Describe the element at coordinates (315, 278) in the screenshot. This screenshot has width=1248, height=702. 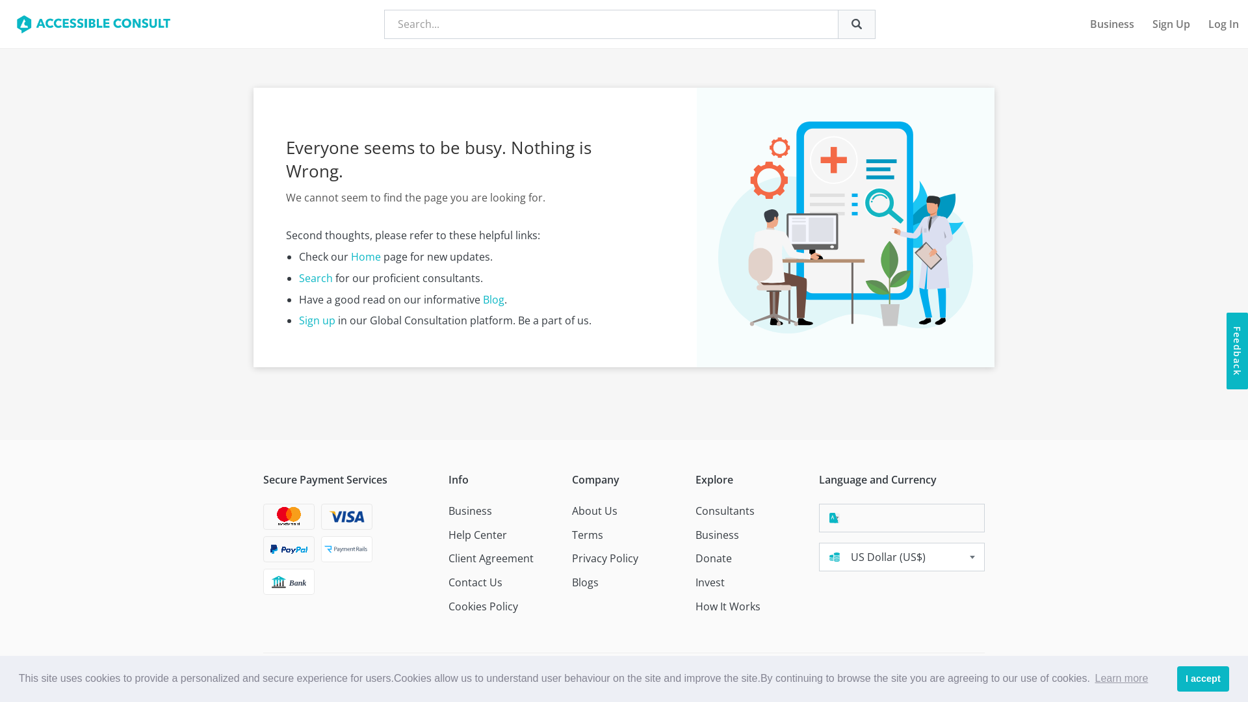
I see `'Search'` at that location.